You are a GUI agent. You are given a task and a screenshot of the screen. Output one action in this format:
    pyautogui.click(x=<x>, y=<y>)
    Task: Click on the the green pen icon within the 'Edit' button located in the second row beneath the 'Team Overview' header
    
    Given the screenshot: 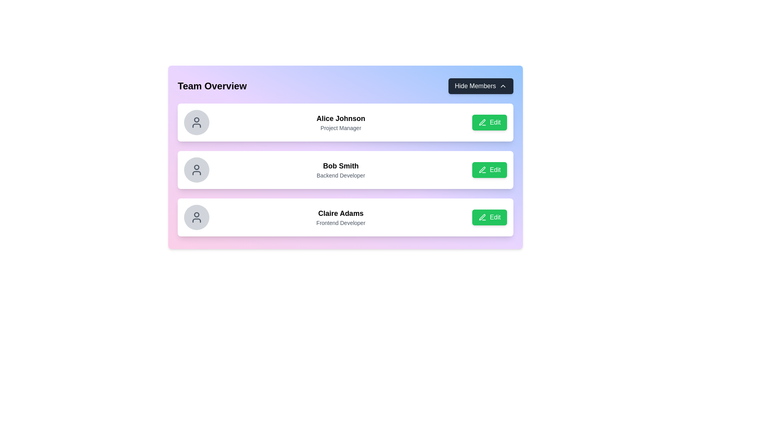 What is the action you would take?
    pyautogui.click(x=482, y=169)
    